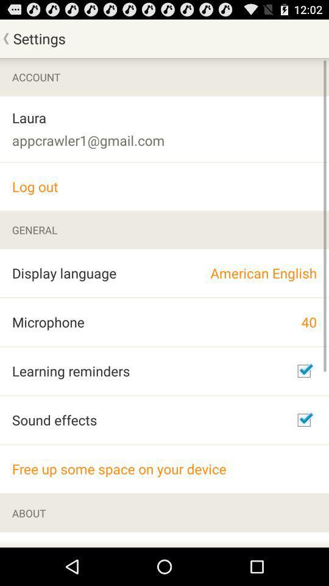  I want to click on the log out icon, so click(164, 186).